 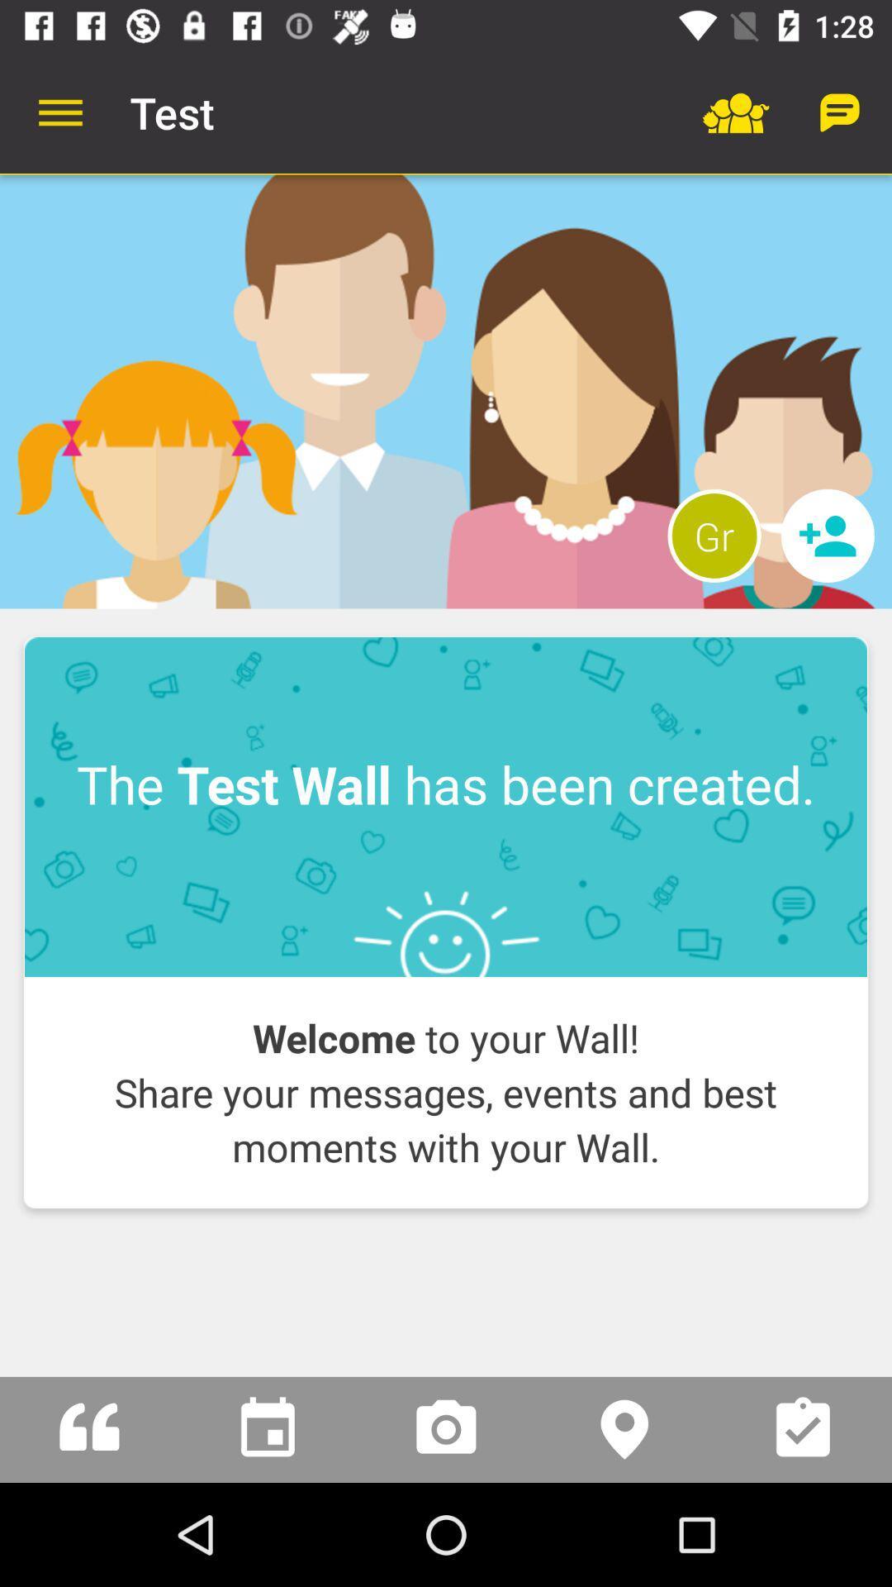 What do you see at coordinates (446, 391) in the screenshot?
I see `the item at the top` at bounding box center [446, 391].